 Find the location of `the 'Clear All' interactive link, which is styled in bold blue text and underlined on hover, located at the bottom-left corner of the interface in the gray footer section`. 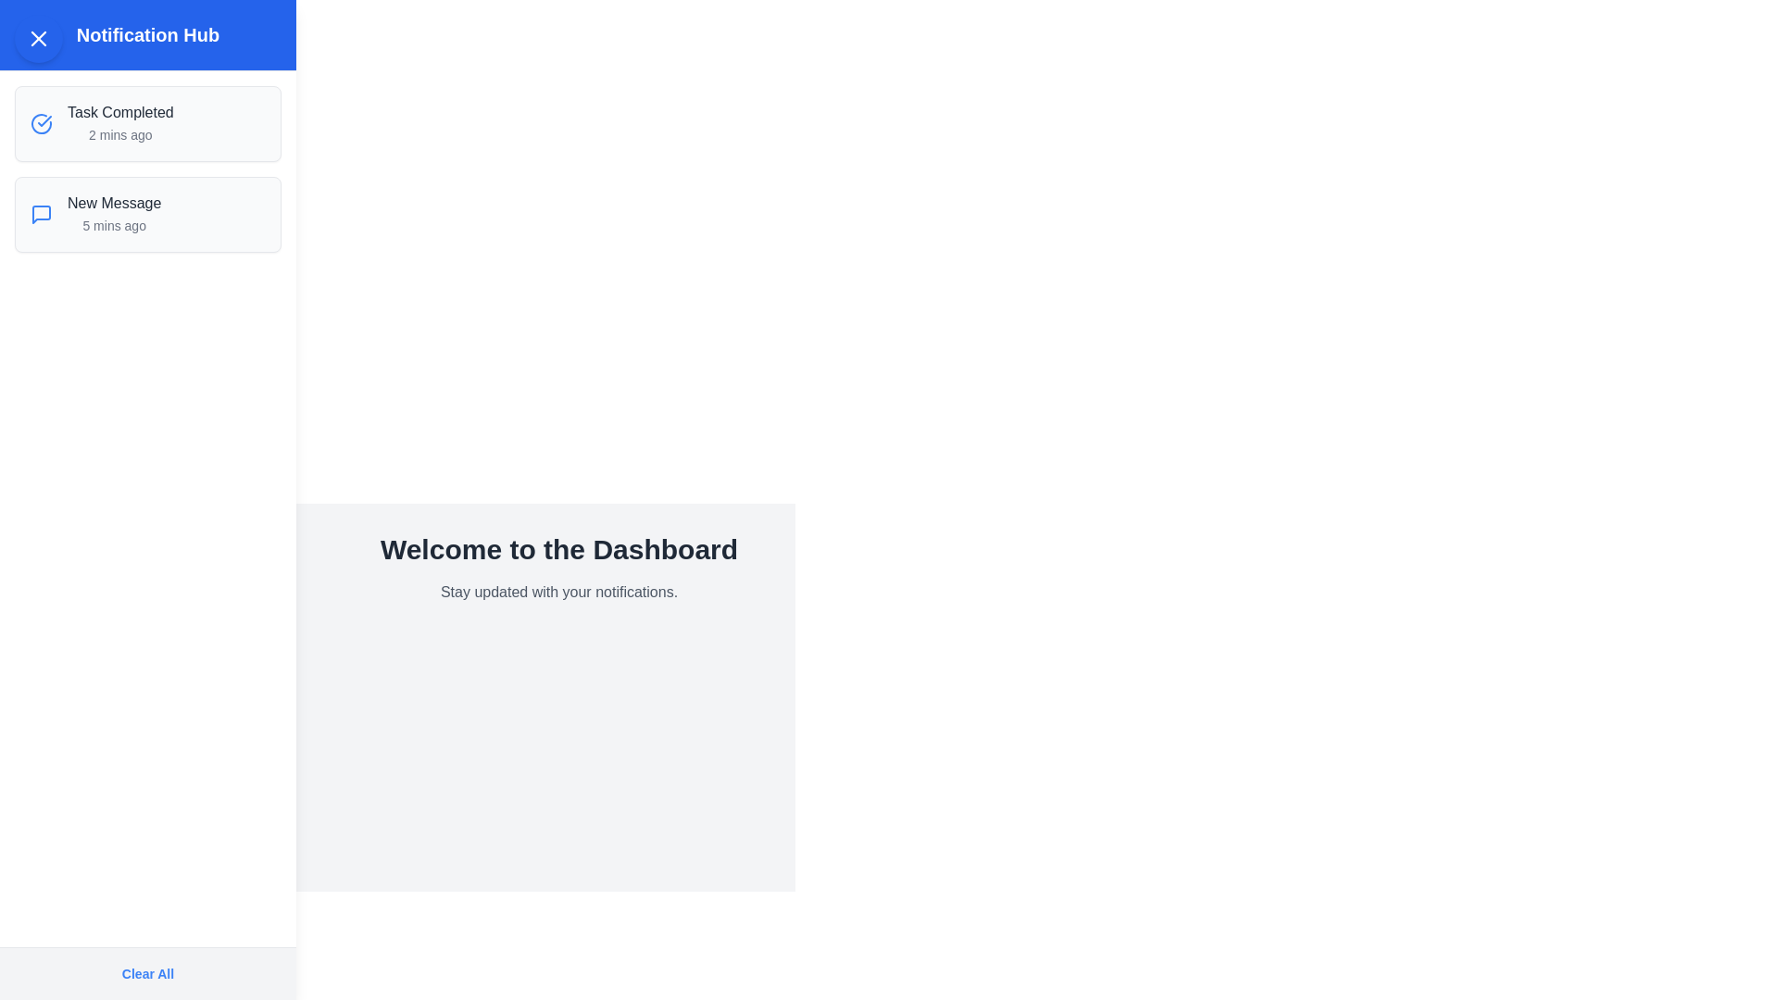

the 'Clear All' interactive link, which is styled in bold blue text and underlined on hover, located at the bottom-left corner of the interface in the gray footer section is located at coordinates (146, 973).